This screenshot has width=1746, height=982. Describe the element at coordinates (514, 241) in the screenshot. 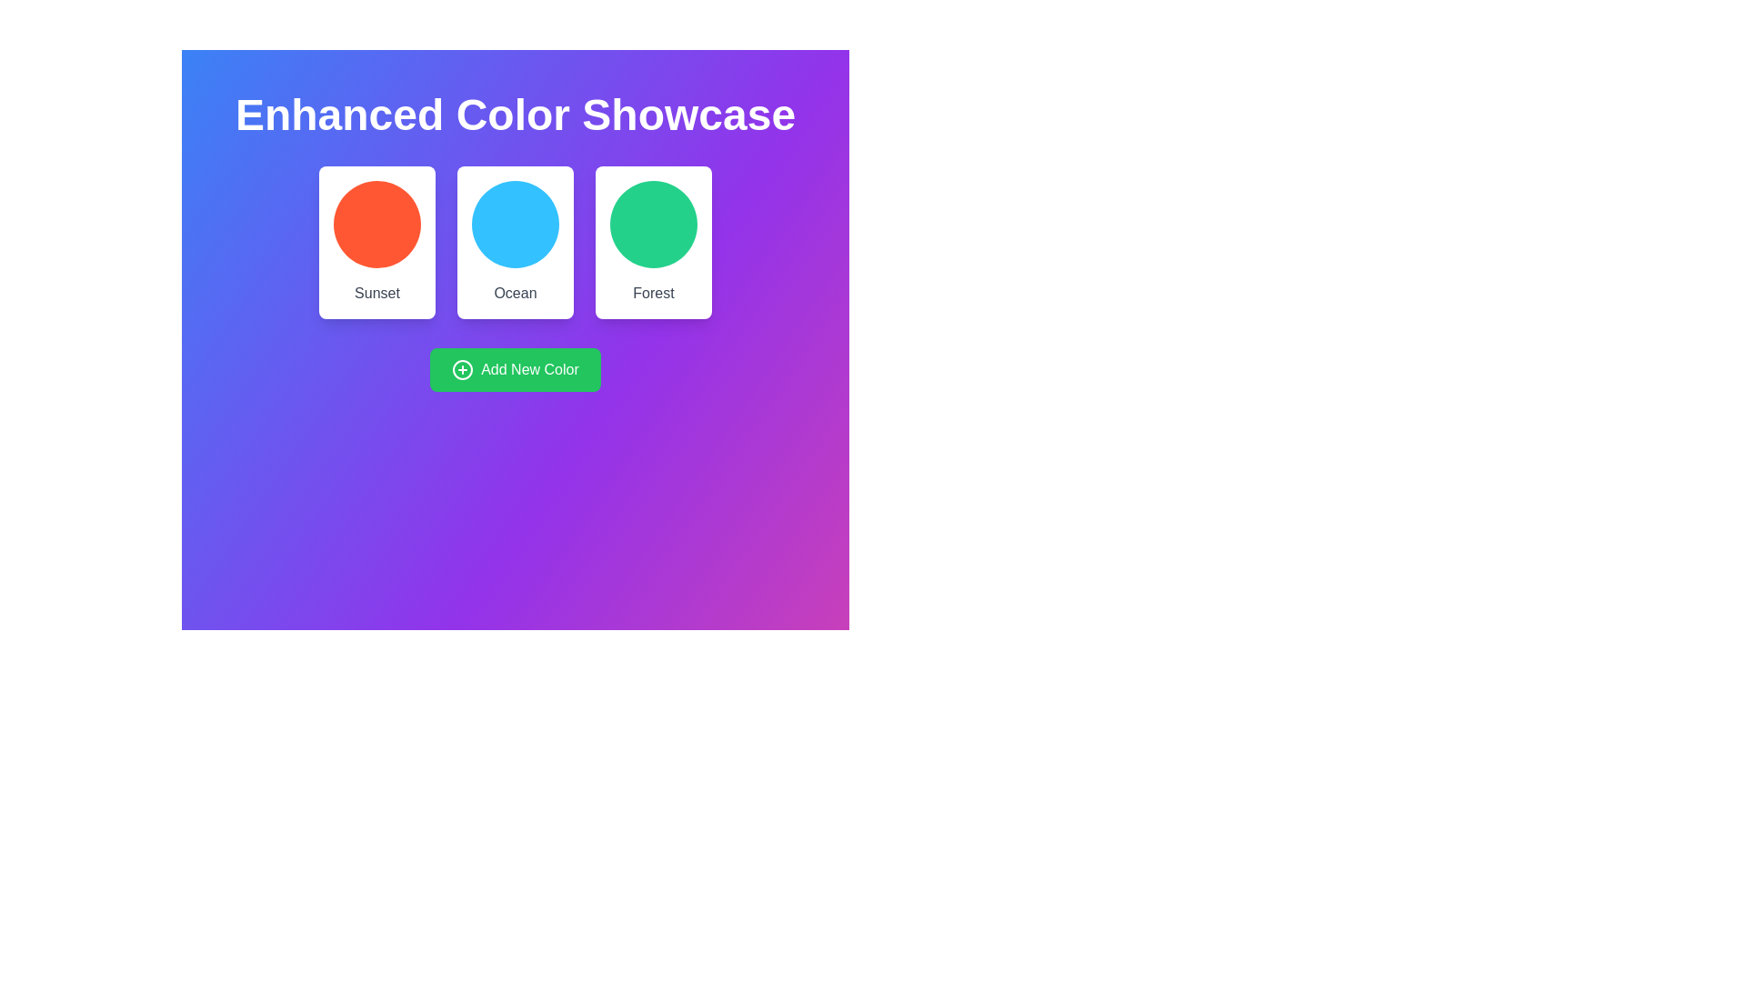

I see `the center of the 'Ocean' card, which is the second card from the left in a horizontal arrangement of three cards` at that location.